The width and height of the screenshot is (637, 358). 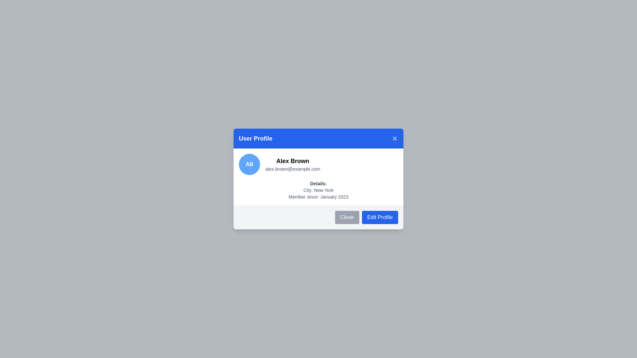 What do you see at coordinates (255, 138) in the screenshot?
I see `text content of the 'User Profile' text label, which is displayed in white, bold, large sans-serif font on a blue background bar at the top left of the modal dialog` at bounding box center [255, 138].